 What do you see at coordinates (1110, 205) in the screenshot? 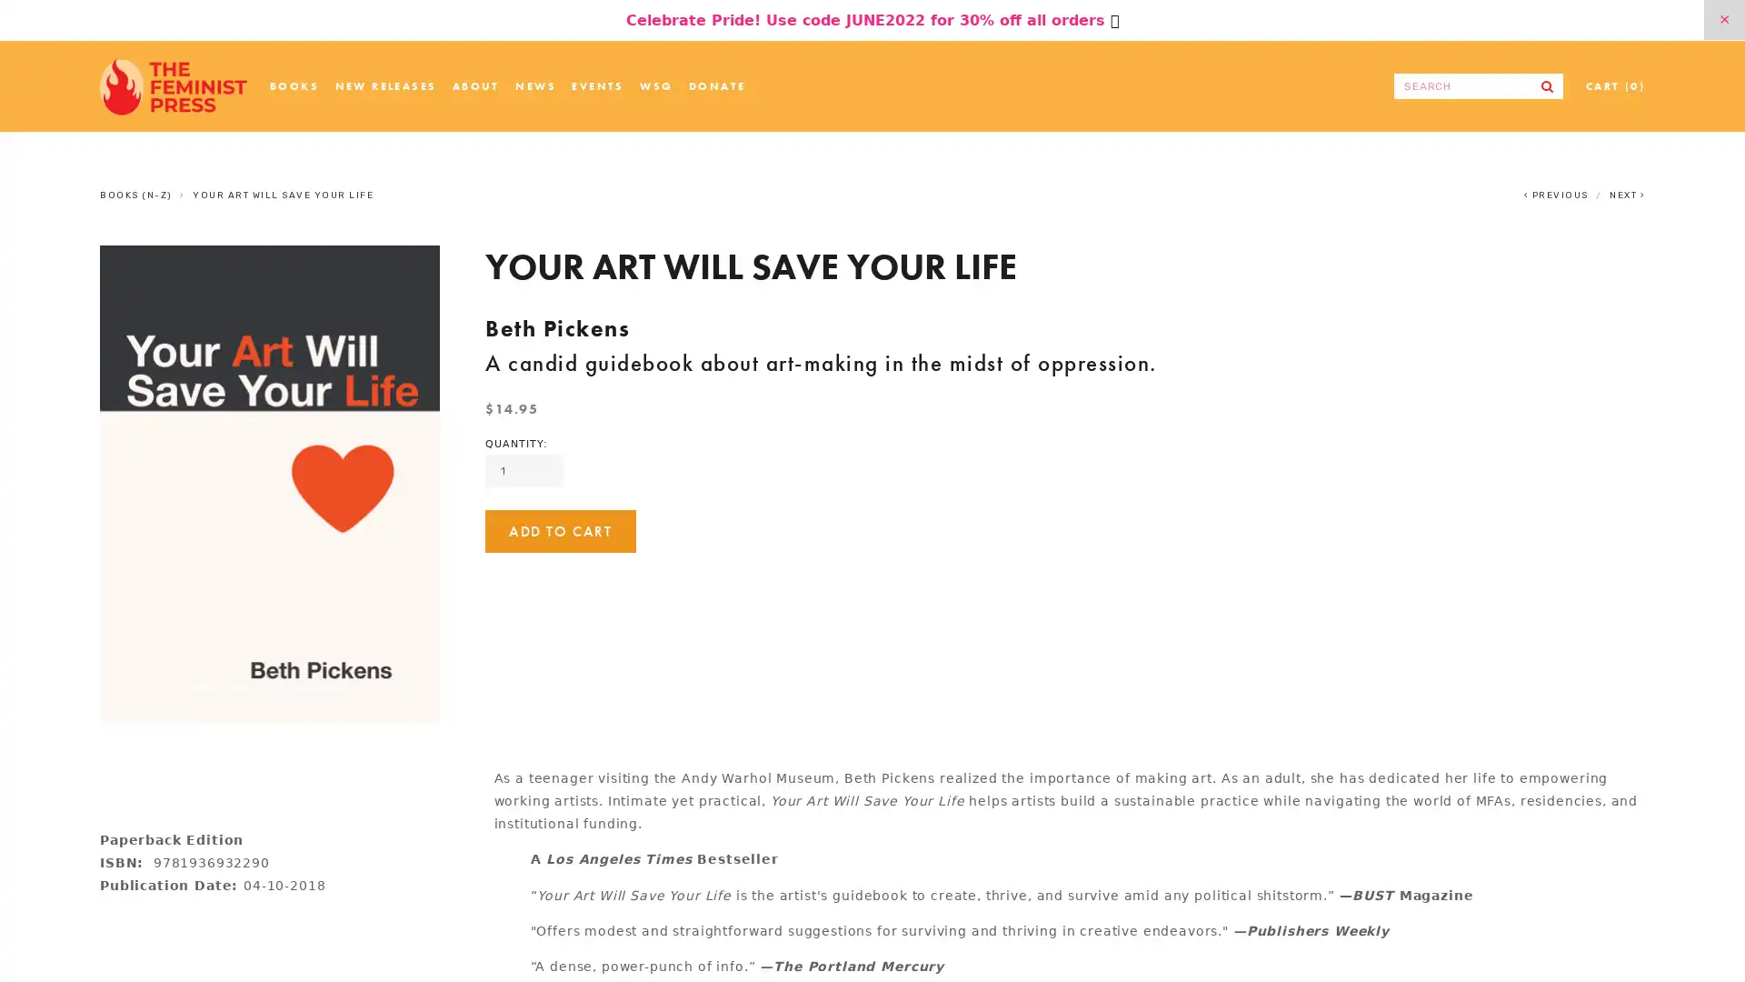
I see `Close` at bounding box center [1110, 205].